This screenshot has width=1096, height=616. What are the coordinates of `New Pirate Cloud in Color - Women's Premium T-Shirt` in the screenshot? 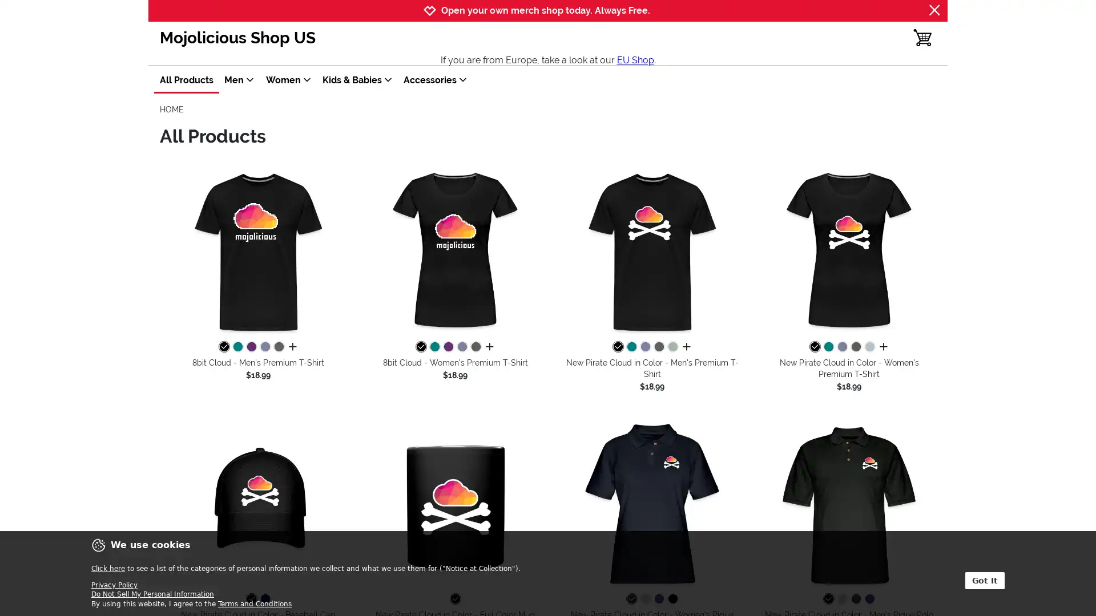 It's located at (849, 250).